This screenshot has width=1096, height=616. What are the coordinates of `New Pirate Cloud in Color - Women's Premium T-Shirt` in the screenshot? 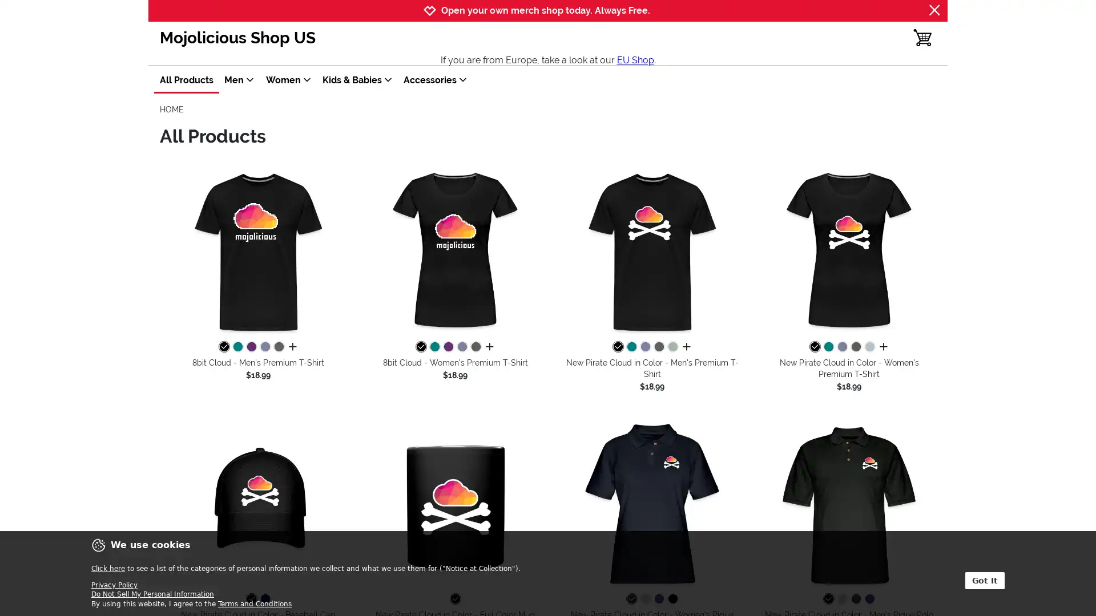 It's located at (849, 250).